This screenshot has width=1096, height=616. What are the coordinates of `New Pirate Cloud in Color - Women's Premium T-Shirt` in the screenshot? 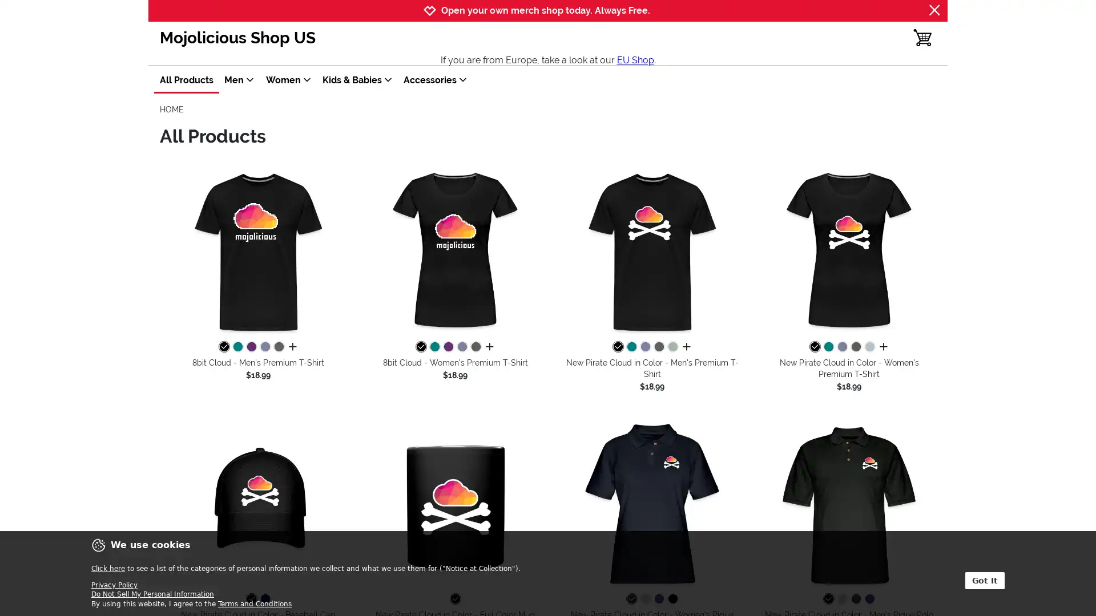 It's located at (849, 250).